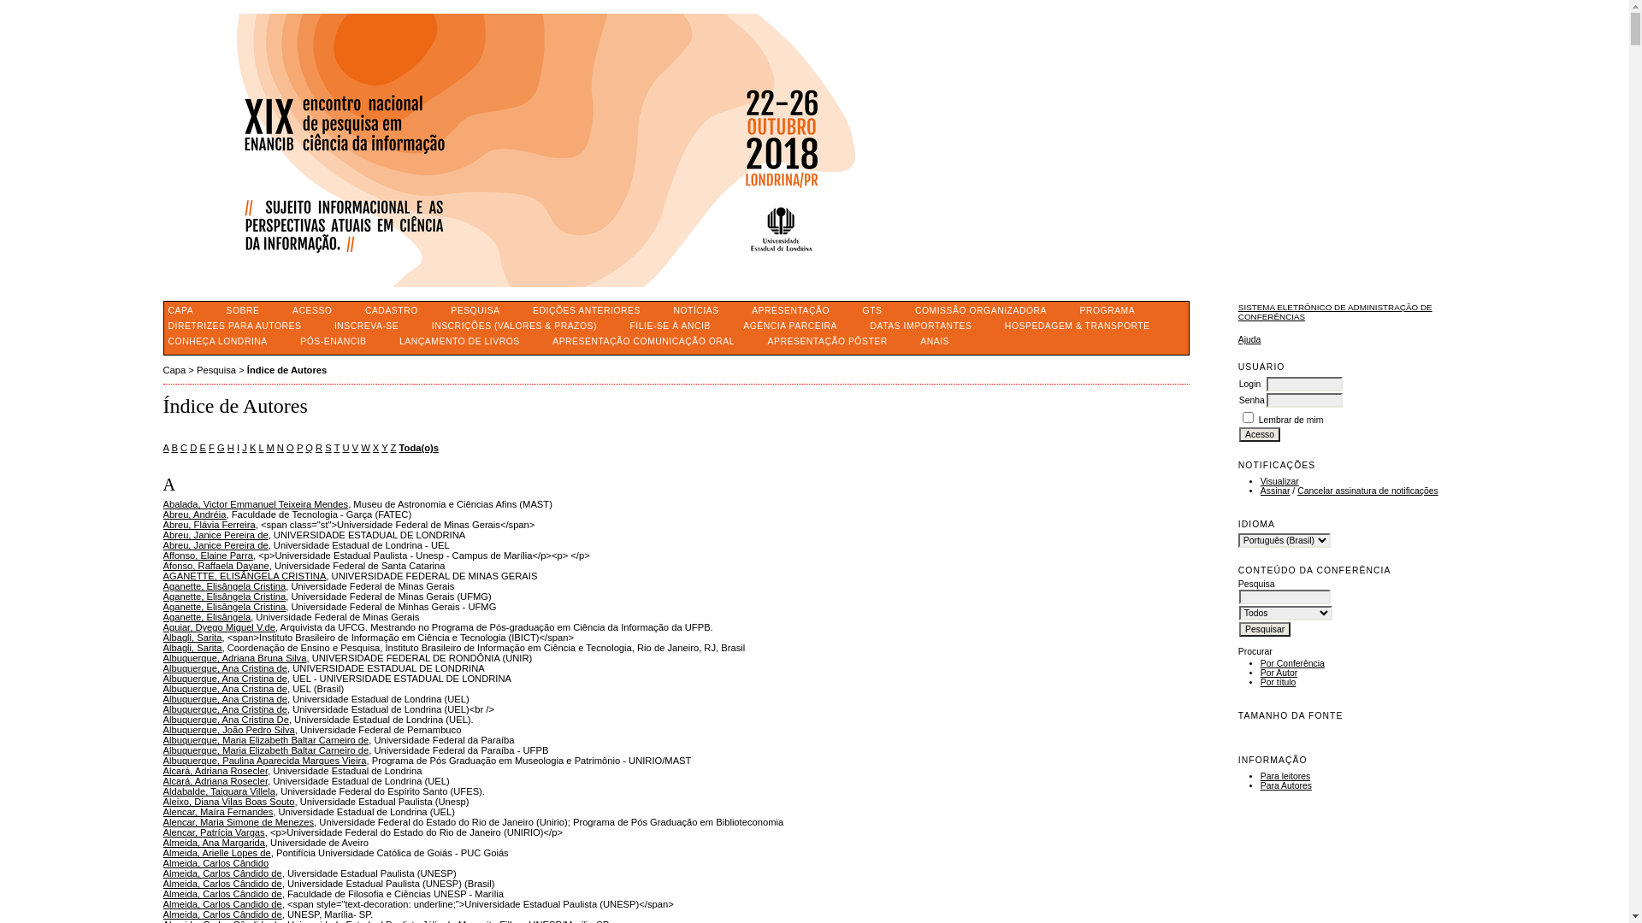 The width and height of the screenshot is (1642, 923). Describe the element at coordinates (364, 447) in the screenshot. I see `'W'` at that location.